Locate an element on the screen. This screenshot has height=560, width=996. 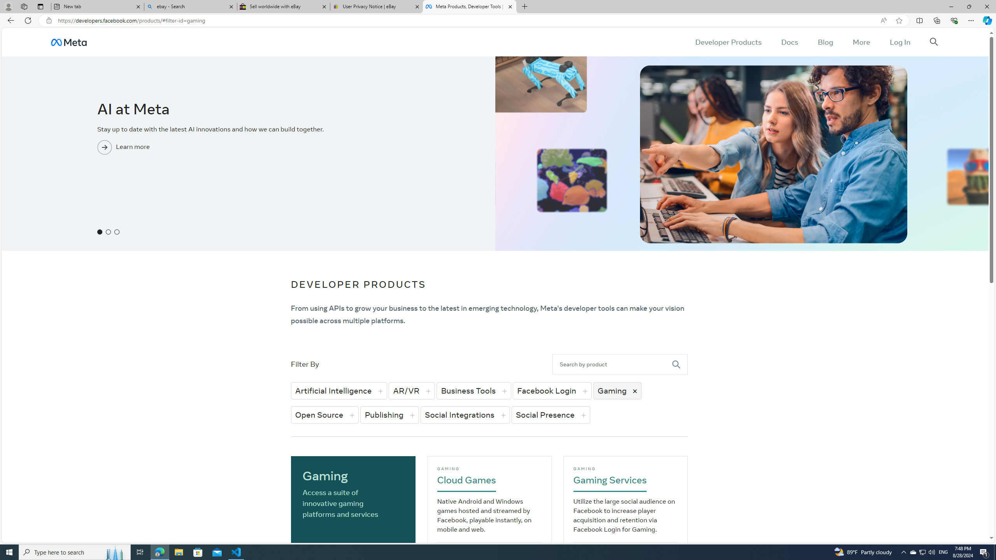
'Artificial Intelligence' is located at coordinates (339, 390).